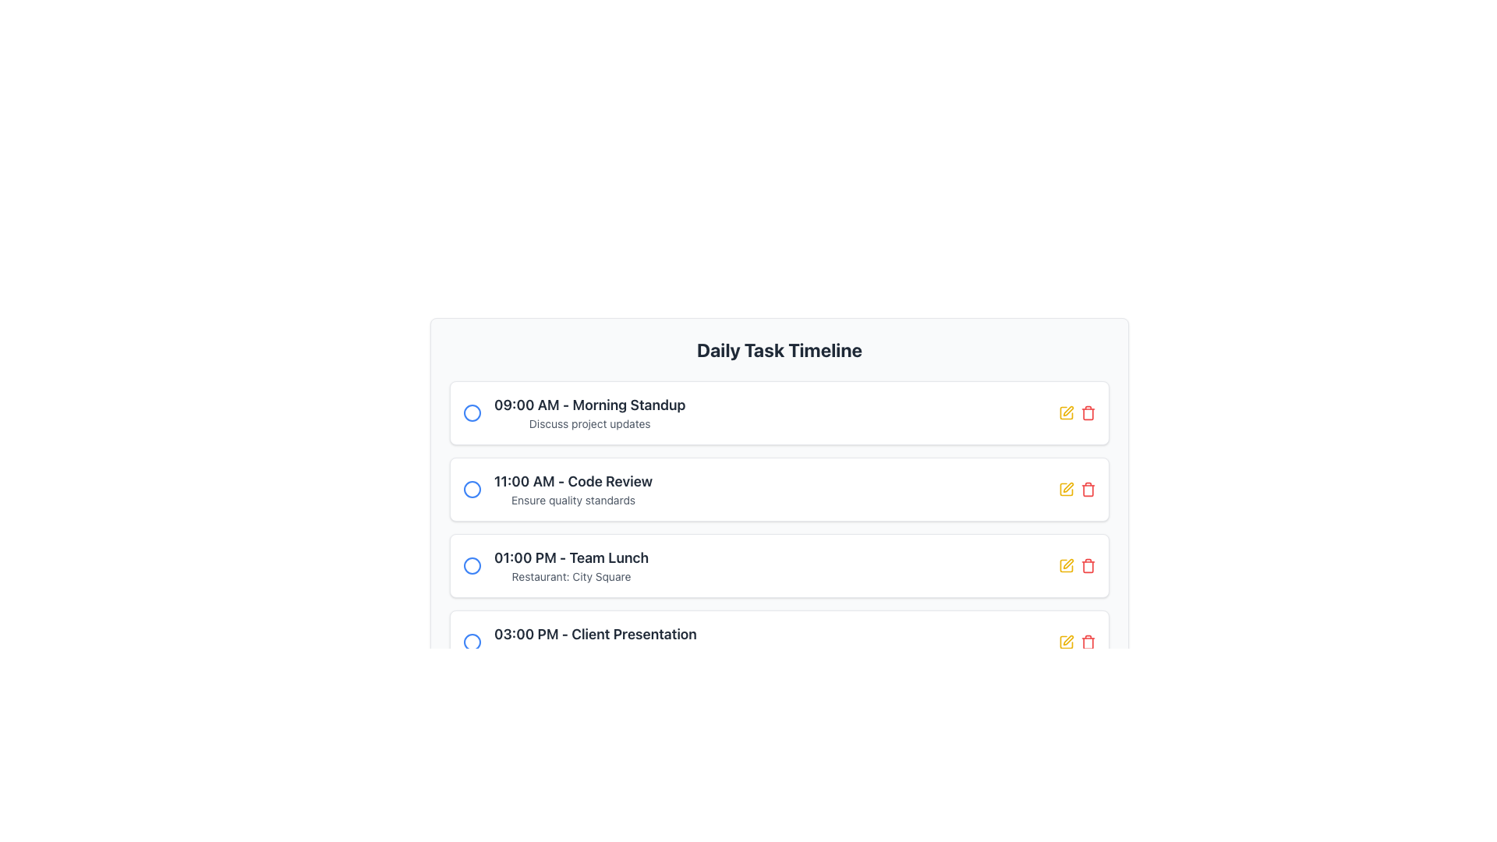 The height and width of the screenshot is (842, 1497). Describe the element at coordinates (1088, 642) in the screenshot. I see `the trash can icon button, which is styled in red and located in the rightmost column adjacent to the task listing for '03:00 PM - Client Presentation'` at that location.